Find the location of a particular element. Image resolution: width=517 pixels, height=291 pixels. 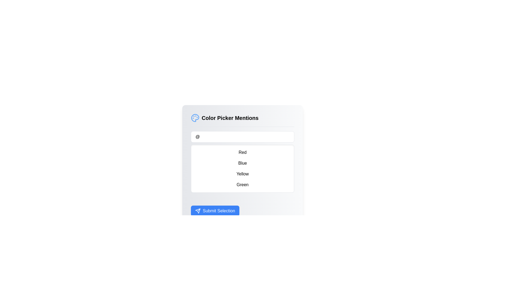

the send action icon located at the bottom-right corner of the form within the 'Submit Selection' button is located at coordinates (197, 211).